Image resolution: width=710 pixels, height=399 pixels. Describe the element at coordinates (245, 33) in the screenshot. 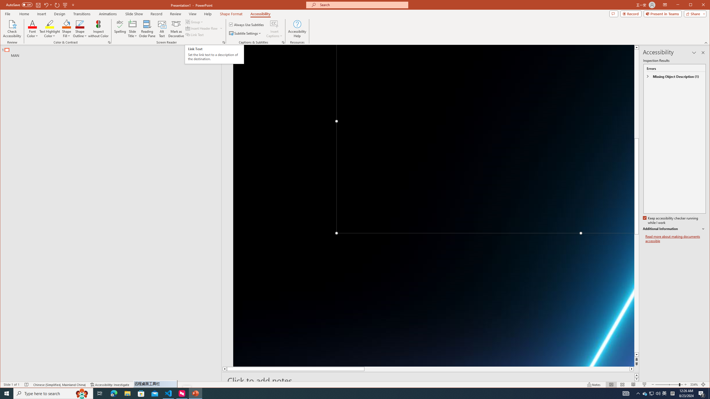

I see `'Subtitle Settings'` at that location.